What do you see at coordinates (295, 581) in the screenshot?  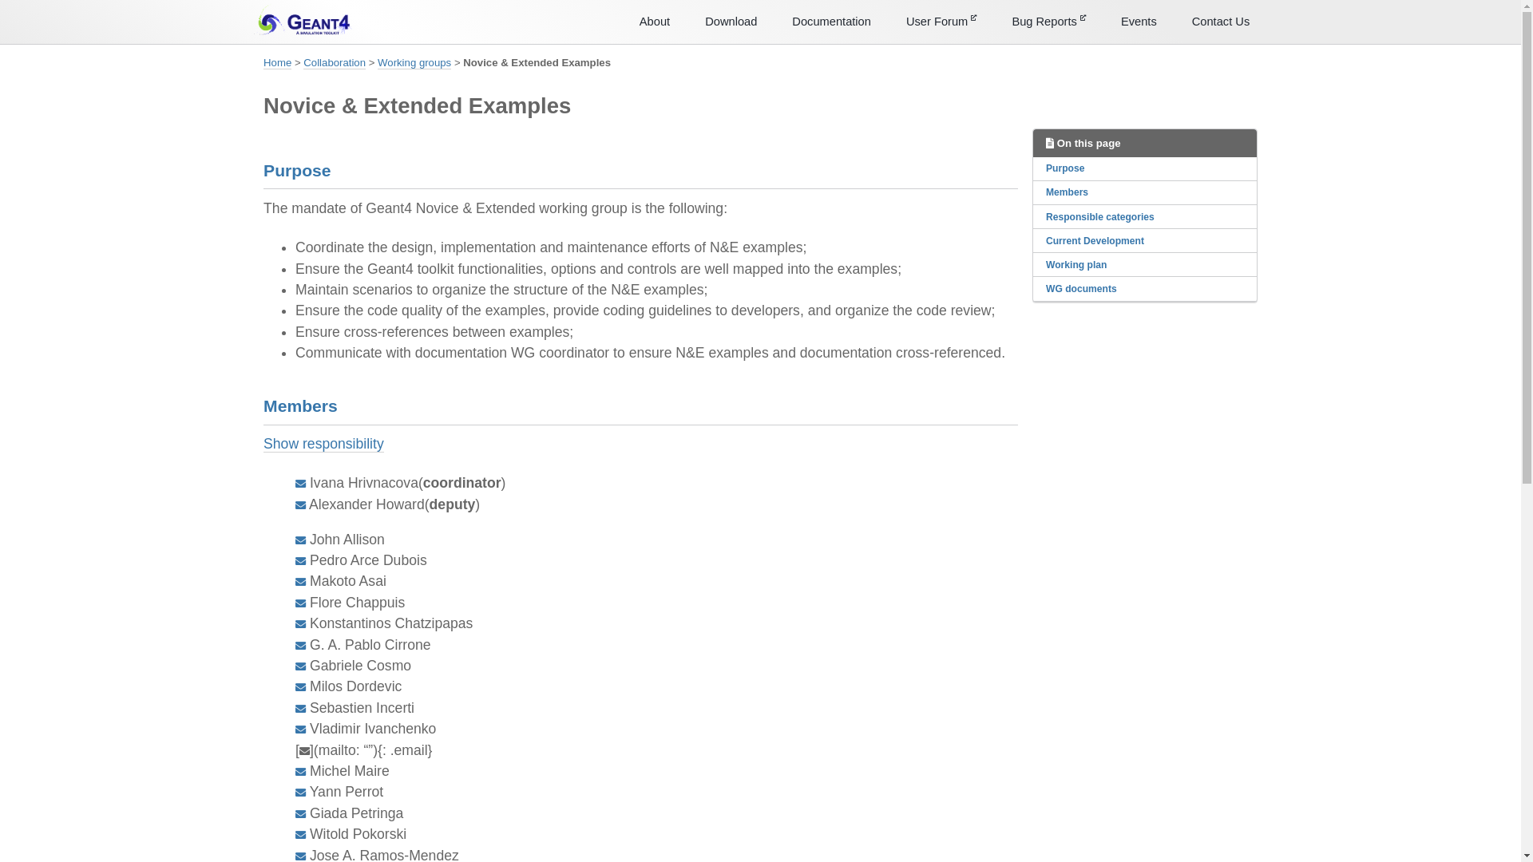 I see `'asai@jlab.org'` at bounding box center [295, 581].